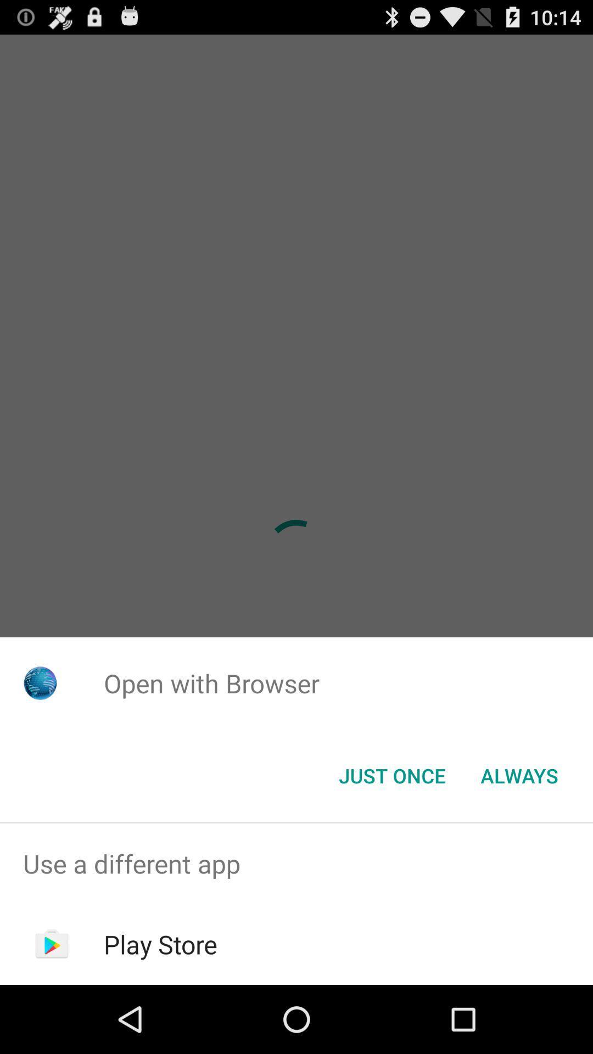  I want to click on app below use a different item, so click(160, 944).